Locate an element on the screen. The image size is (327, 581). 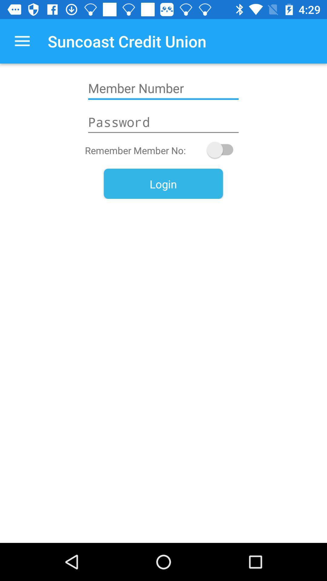
the item at the top right corner is located at coordinates (223, 150).